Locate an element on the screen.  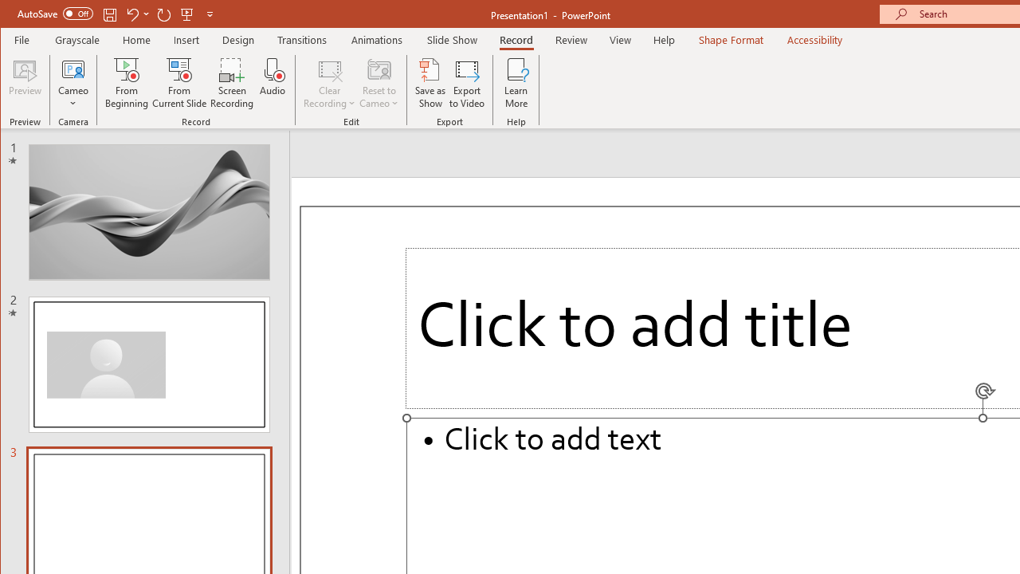
'Cameo' is located at coordinates (73, 68).